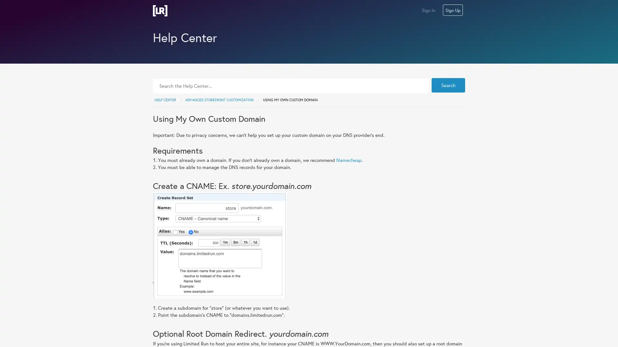  I want to click on Search, so click(448, 85).